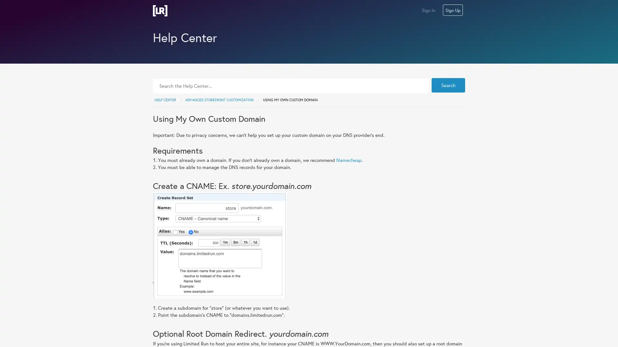  I want to click on Search, so click(448, 85).